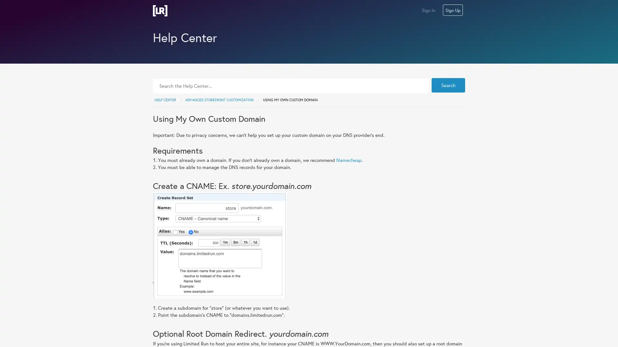  I want to click on Search, so click(448, 85).